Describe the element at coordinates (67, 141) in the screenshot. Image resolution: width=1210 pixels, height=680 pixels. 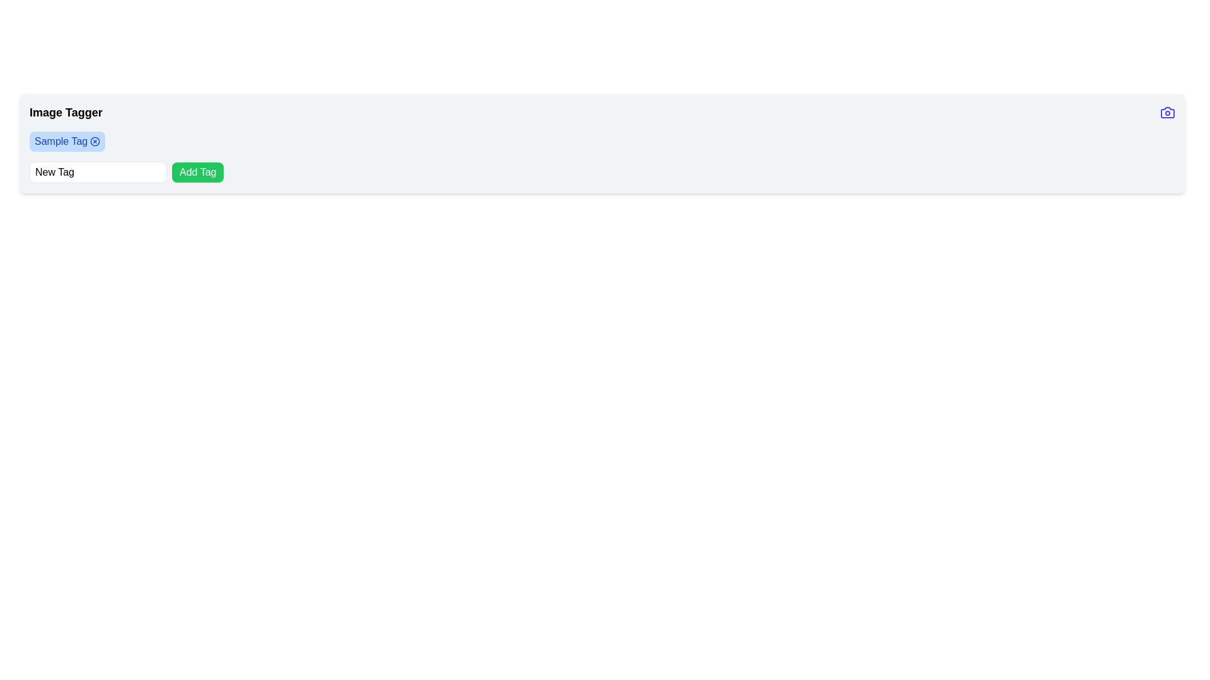
I see `the 'Sample Tag' element, which is a rounded rectangular tag with a light blue background, blue text, and a close icon on the right, located in the 'Image Tagger' section` at that location.